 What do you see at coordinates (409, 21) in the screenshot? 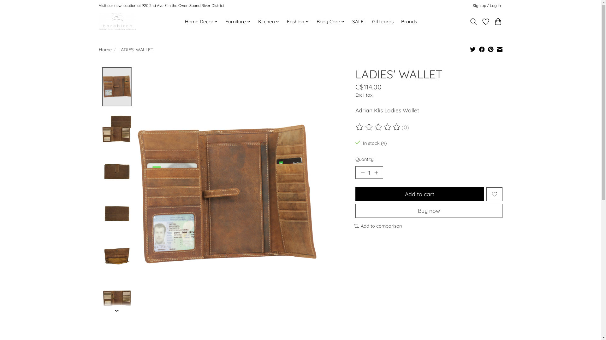
I see `'Brands'` at bounding box center [409, 21].